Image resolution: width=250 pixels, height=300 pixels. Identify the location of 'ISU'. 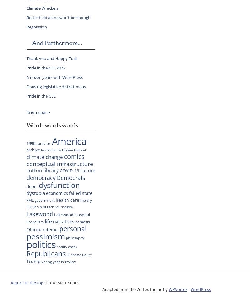
(29, 207).